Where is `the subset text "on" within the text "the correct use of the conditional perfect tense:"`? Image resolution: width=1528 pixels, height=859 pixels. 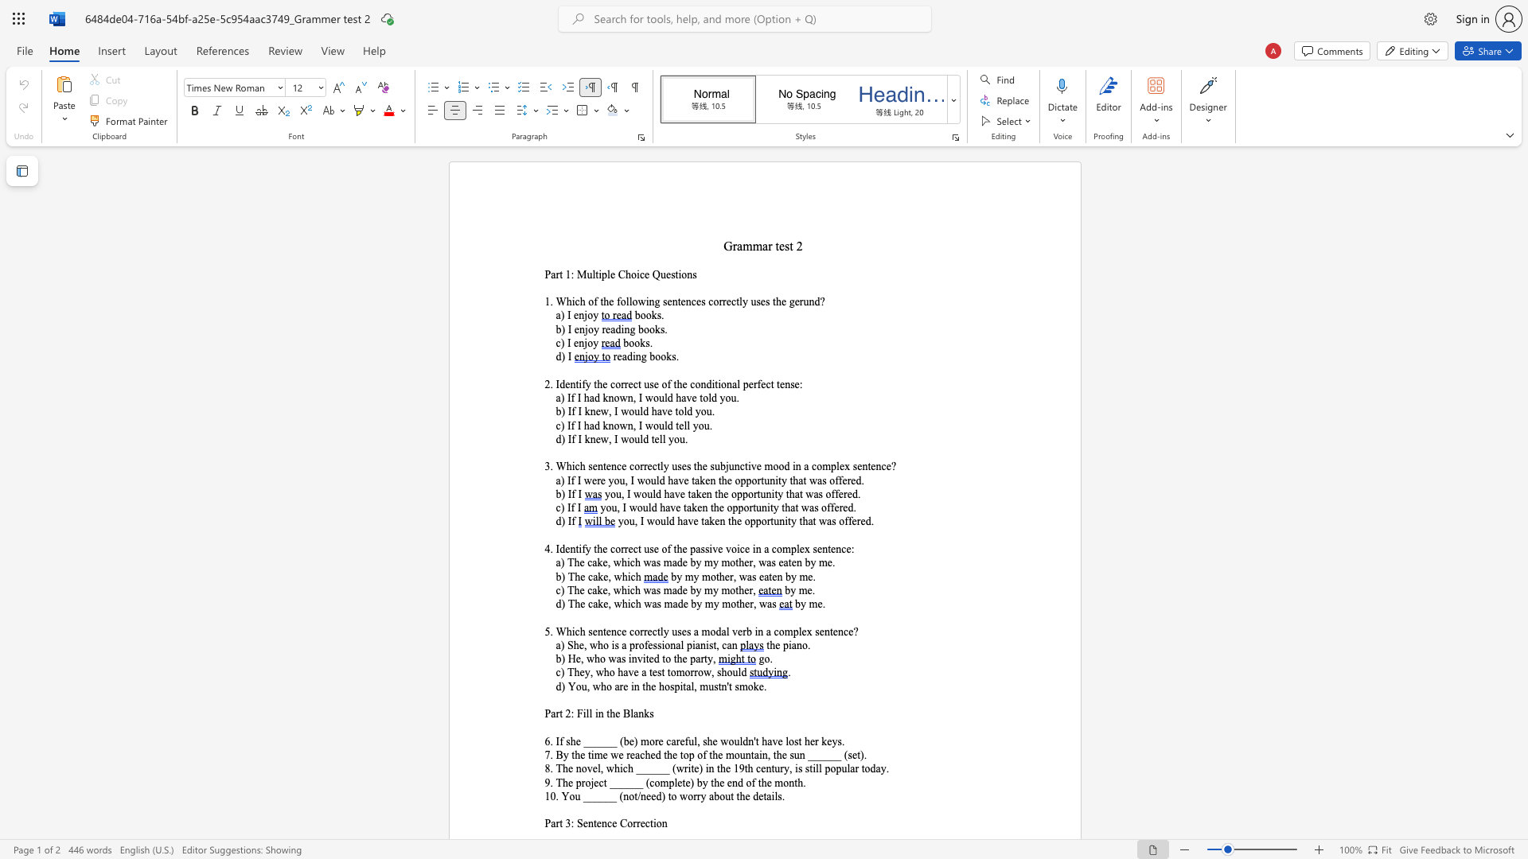 the subset text "on" within the text "the correct use of the conditional perfect tense:" is located at coordinates (695, 384).